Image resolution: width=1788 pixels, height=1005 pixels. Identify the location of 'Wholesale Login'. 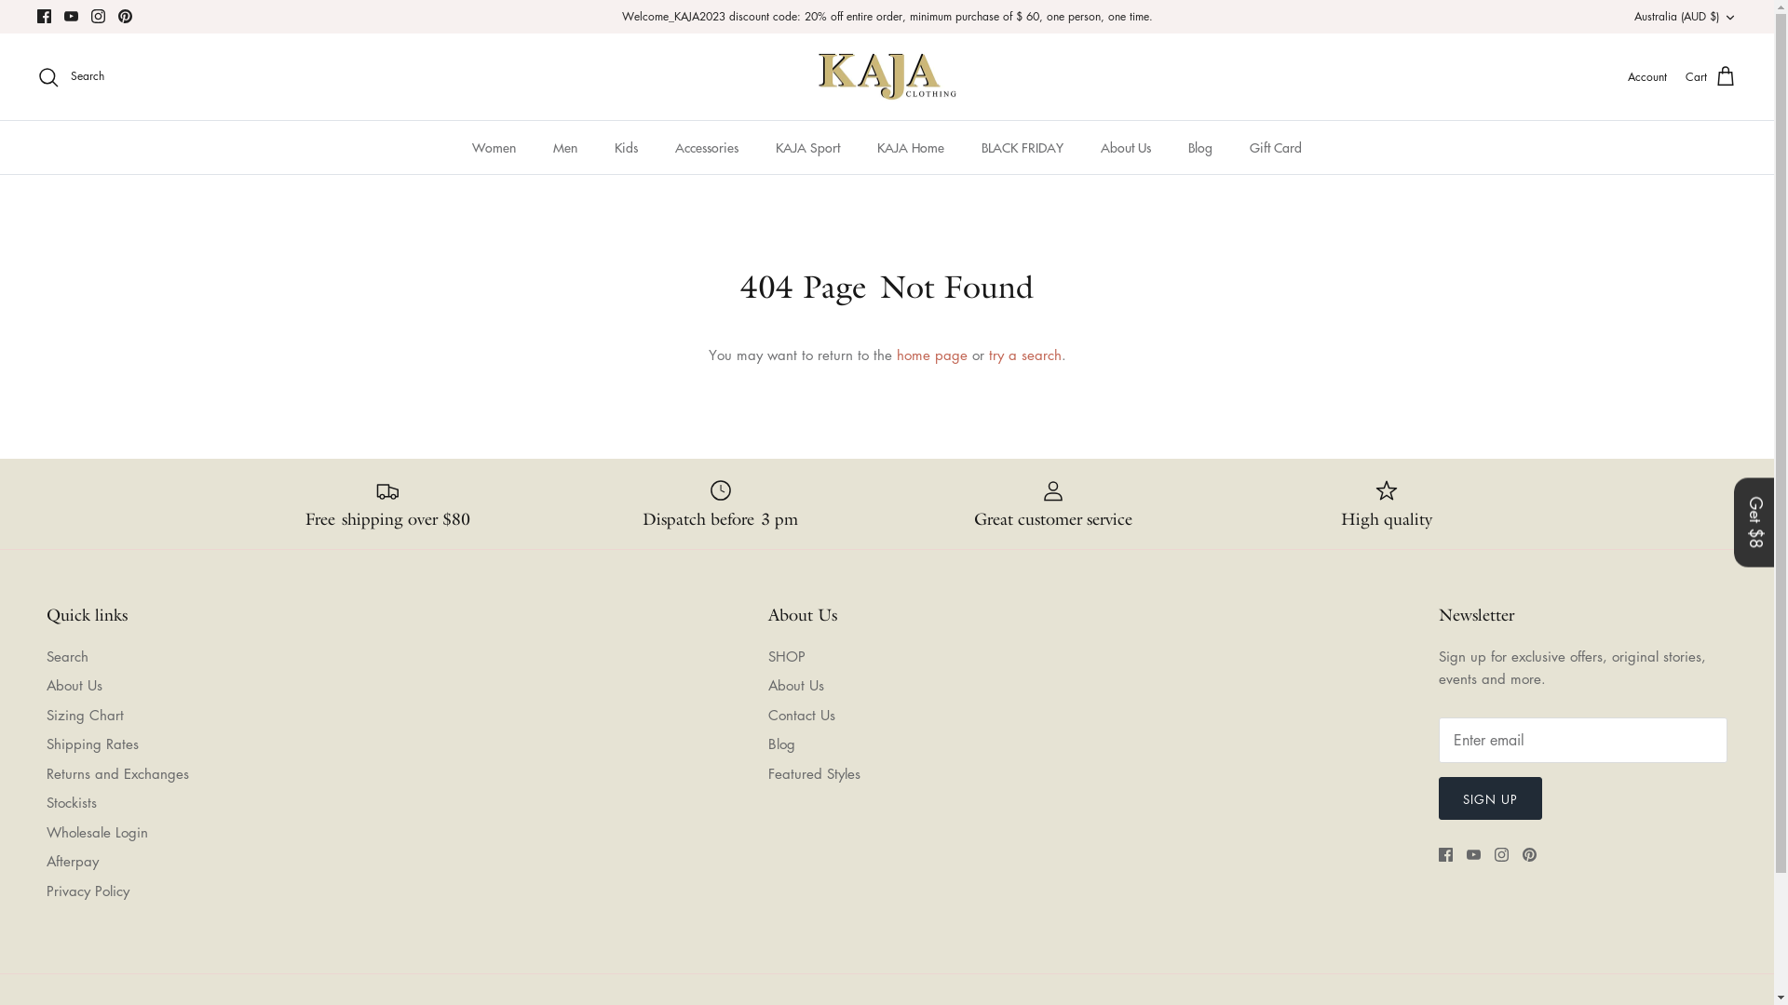
(96, 831).